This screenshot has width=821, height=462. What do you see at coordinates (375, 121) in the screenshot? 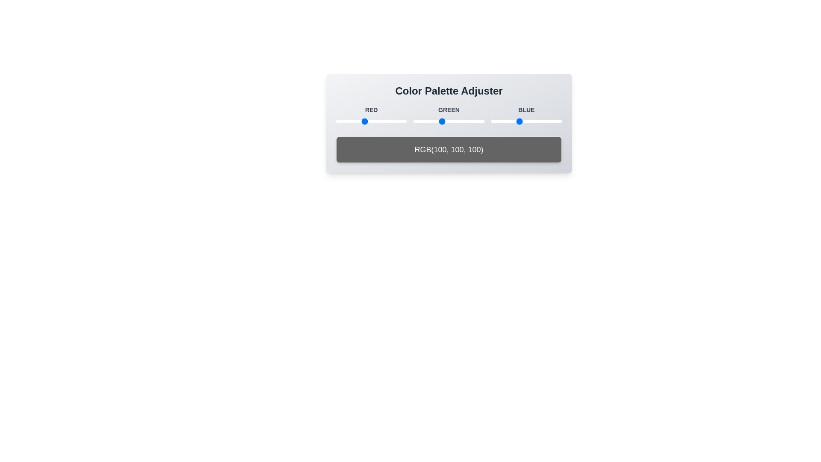
I see `the 1 slider to 142` at bounding box center [375, 121].